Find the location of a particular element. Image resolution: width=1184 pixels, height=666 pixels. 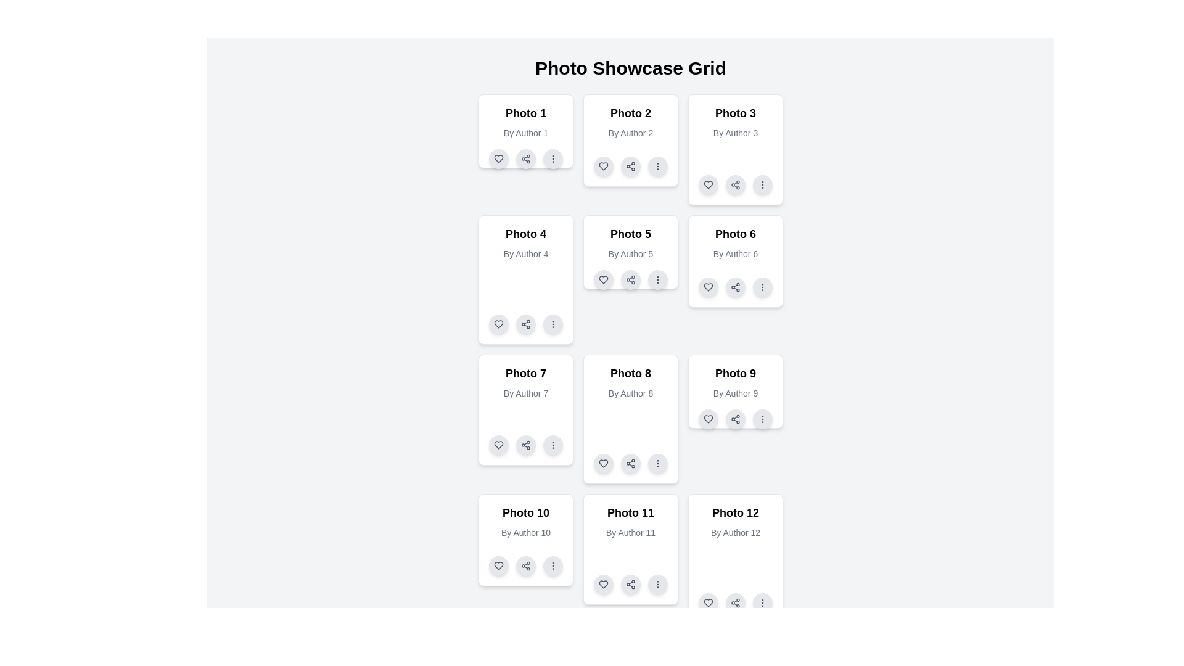

the circular button with a gray background and three vertically aligned dots (ellipsis) icon, which is the third element is located at coordinates (553, 158).